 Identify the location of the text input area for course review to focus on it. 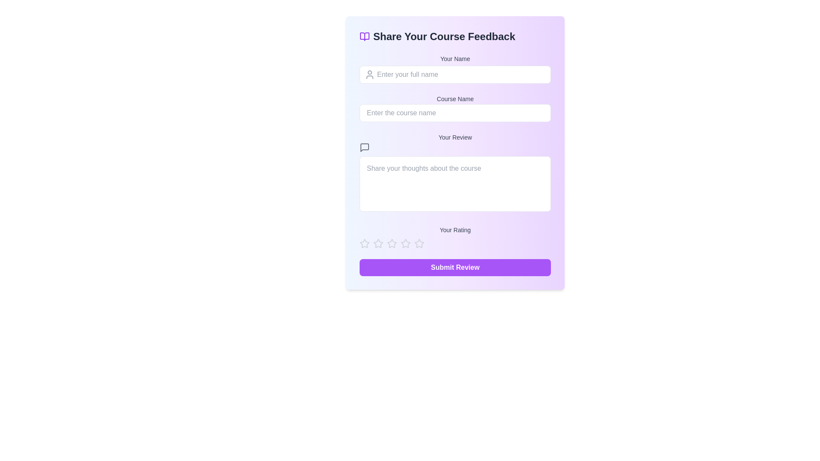
(454, 173).